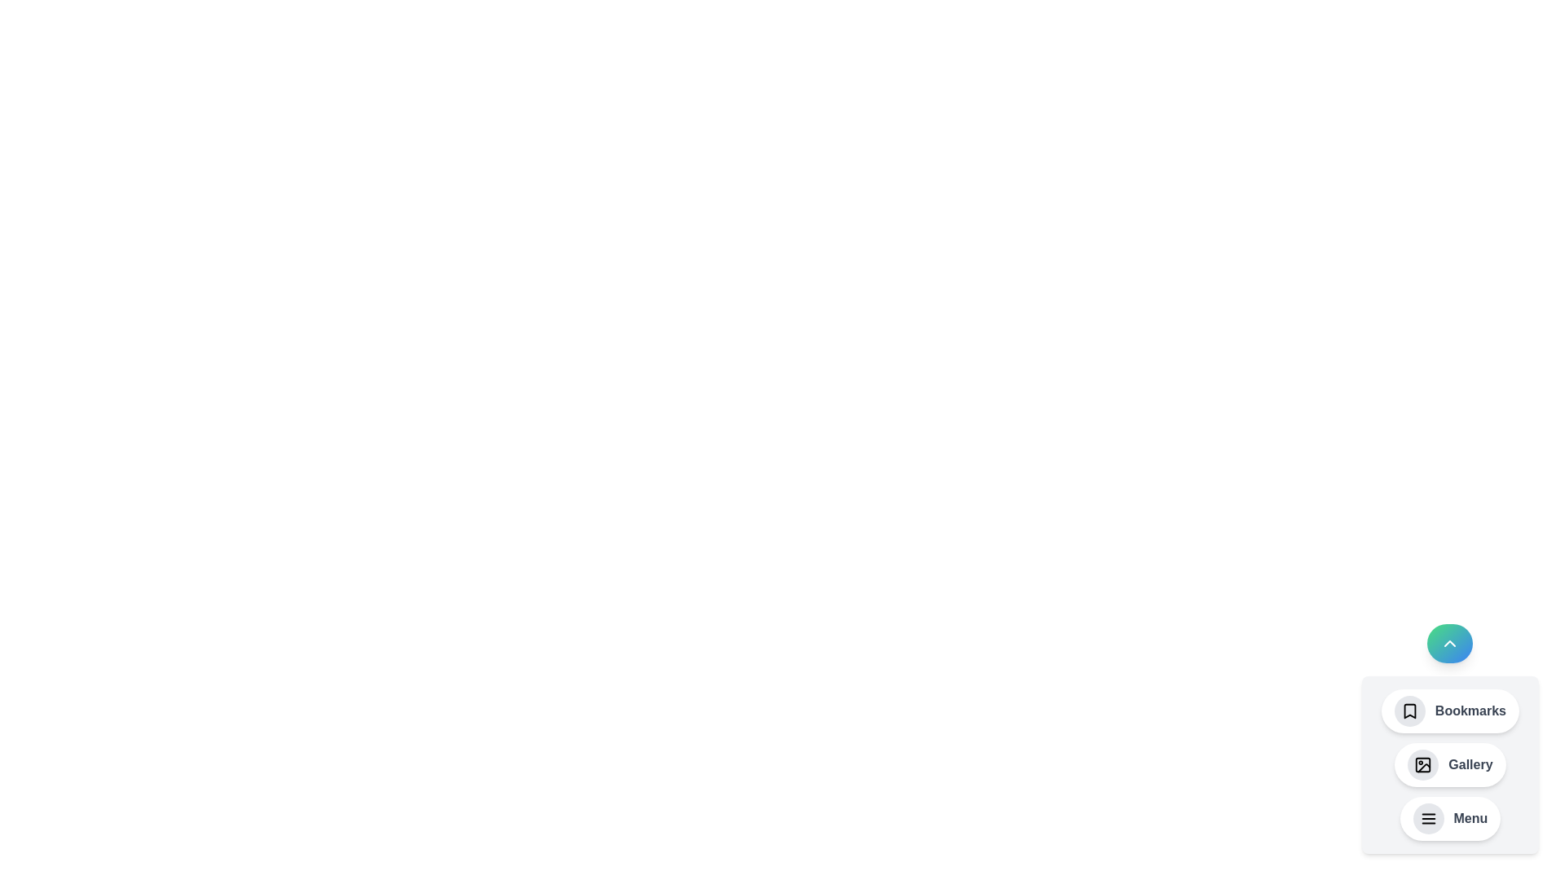 The width and height of the screenshot is (1565, 880). What do you see at coordinates (1450, 643) in the screenshot?
I see `the main button to toggle the menu visibility` at bounding box center [1450, 643].